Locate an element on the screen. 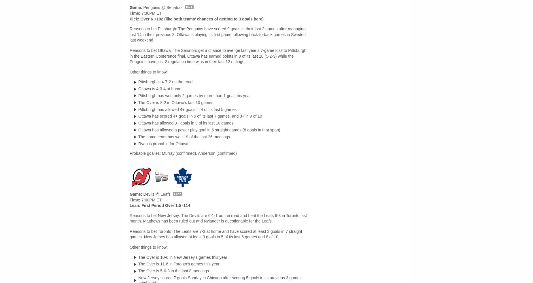  'Penguins @ Senators' is located at coordinates (162, 7).